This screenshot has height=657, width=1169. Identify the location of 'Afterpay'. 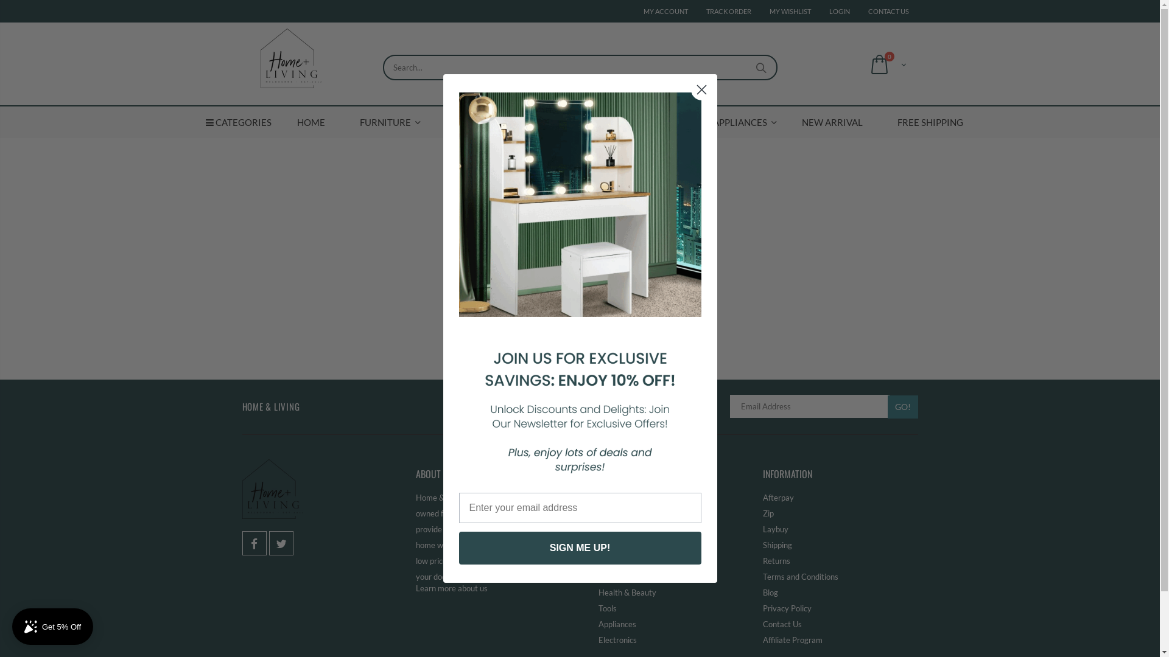
(777, 497).